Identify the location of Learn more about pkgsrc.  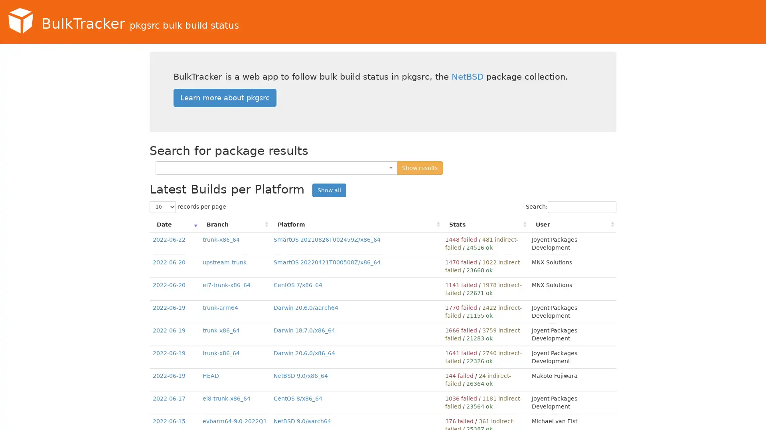
(225, 97).